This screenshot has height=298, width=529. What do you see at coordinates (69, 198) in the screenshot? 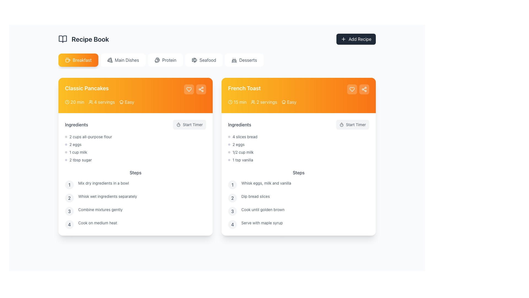
I see `the icon badge displaying the number for the 2nd step in the 'Classic Pancakes' recipe, which is located to the left of the text 'Whisk wet ingredients separately.'` at bounding box center [69, 198].